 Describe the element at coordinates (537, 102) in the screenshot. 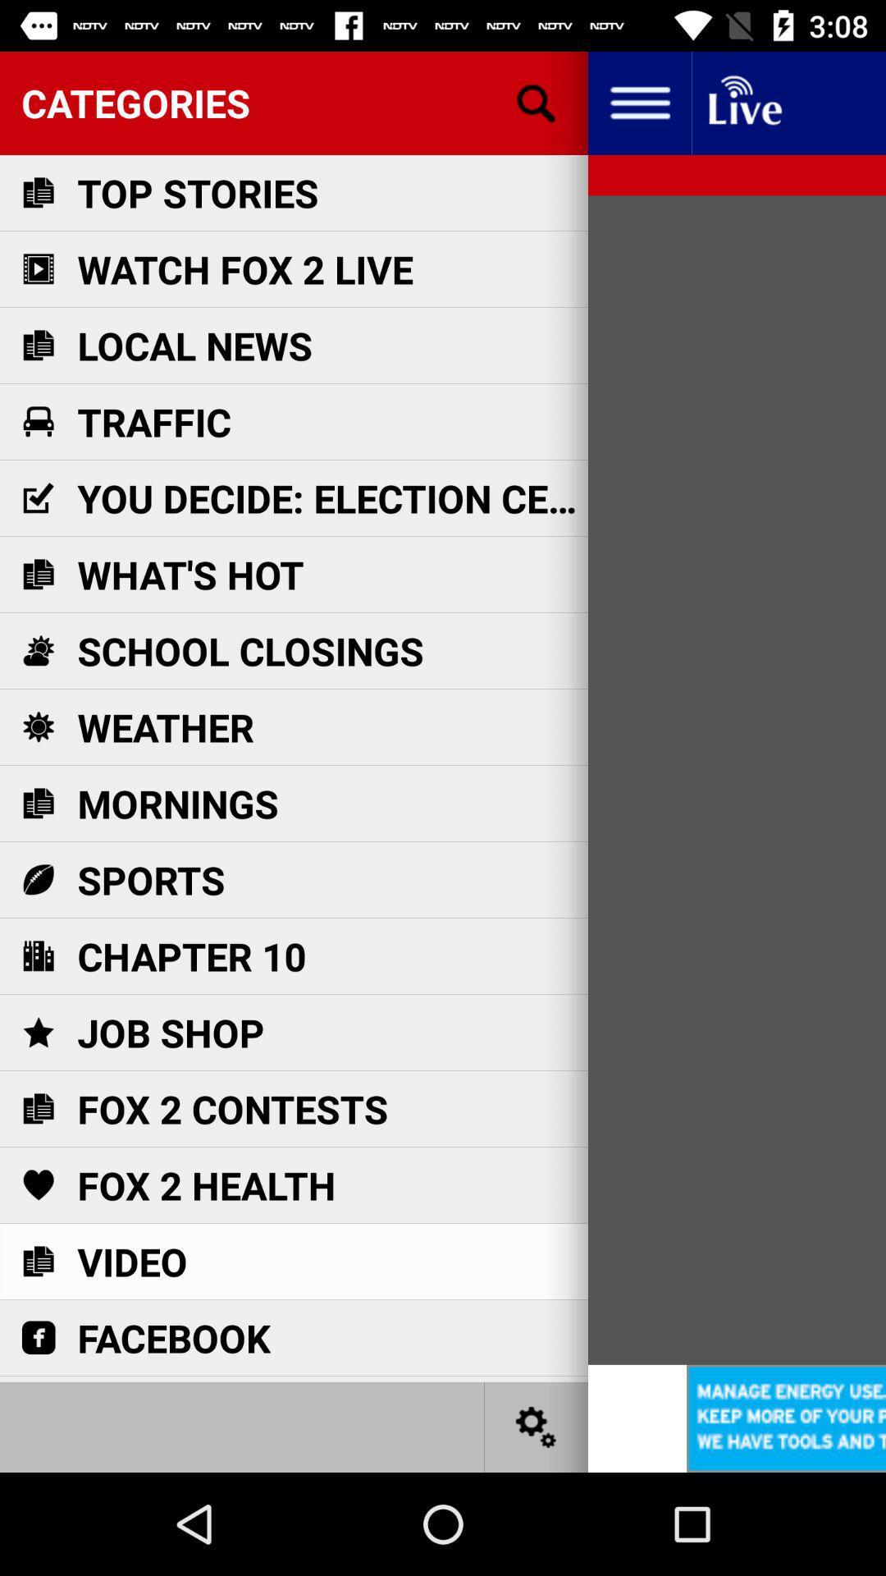

I see `search` at that location.